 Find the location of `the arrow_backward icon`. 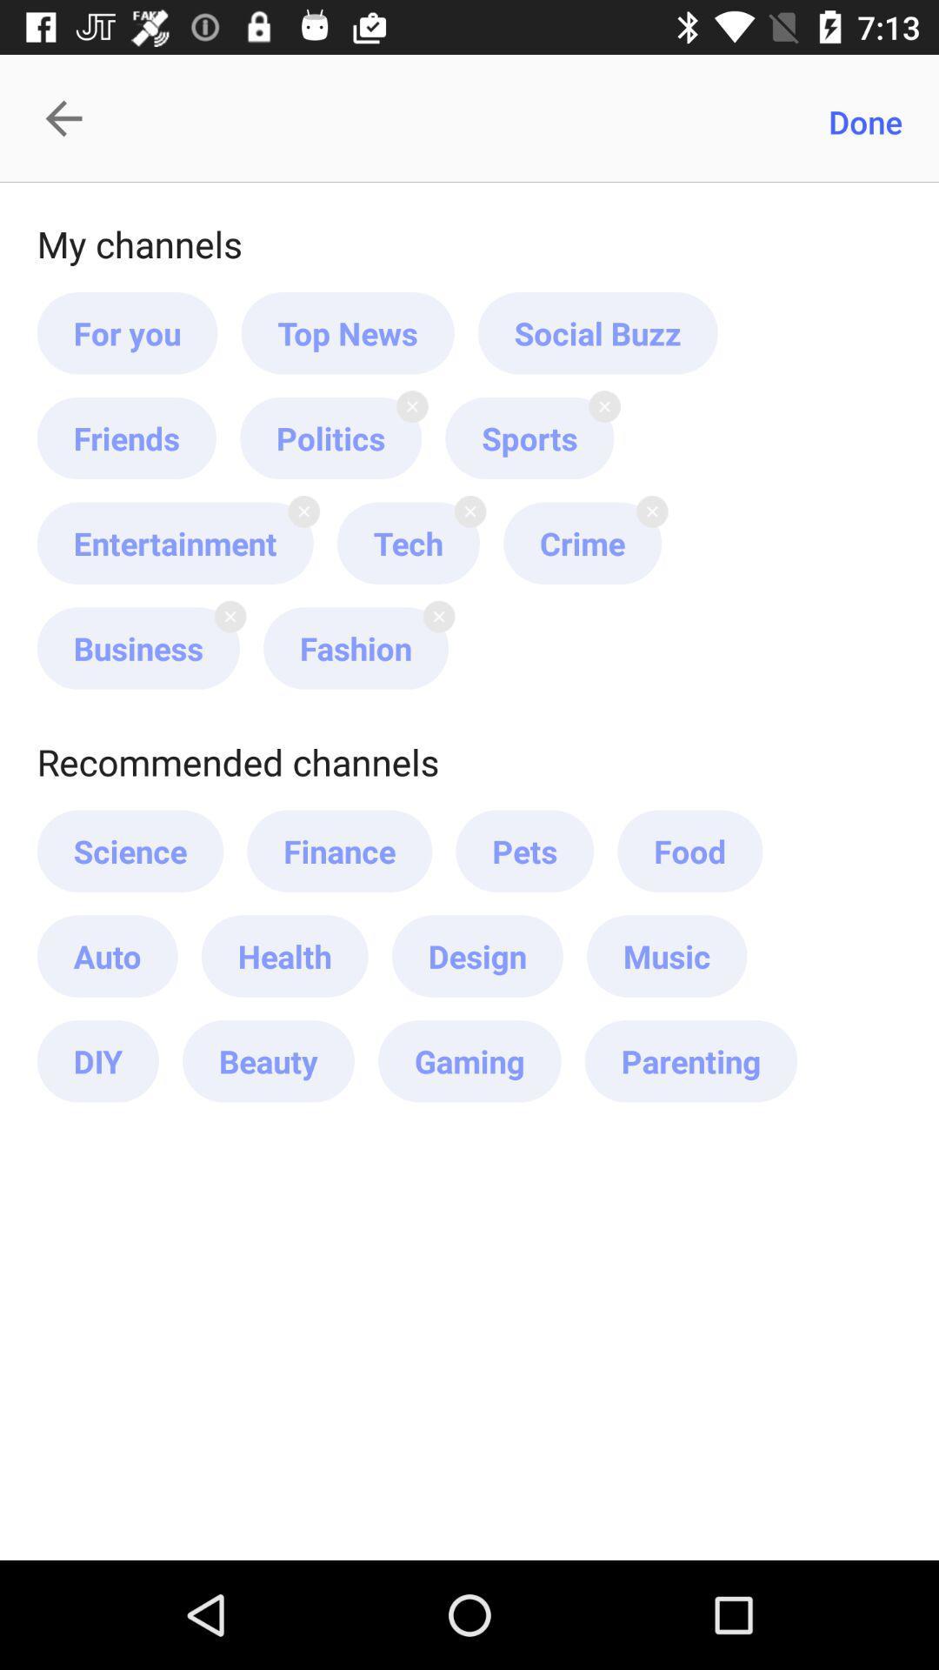

the arrow_backward icon is located at coordinates (72, 117).